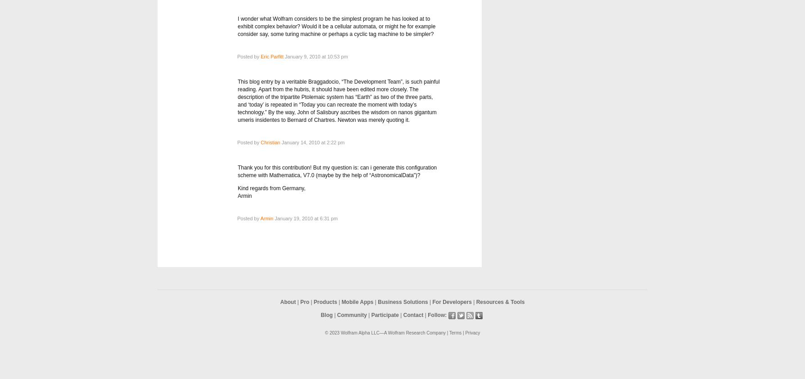 The height and width of the screenshot is (379, 805). Describe the element at coordinates (324, 302) in the screenshot. I see `'Products'` at that location.